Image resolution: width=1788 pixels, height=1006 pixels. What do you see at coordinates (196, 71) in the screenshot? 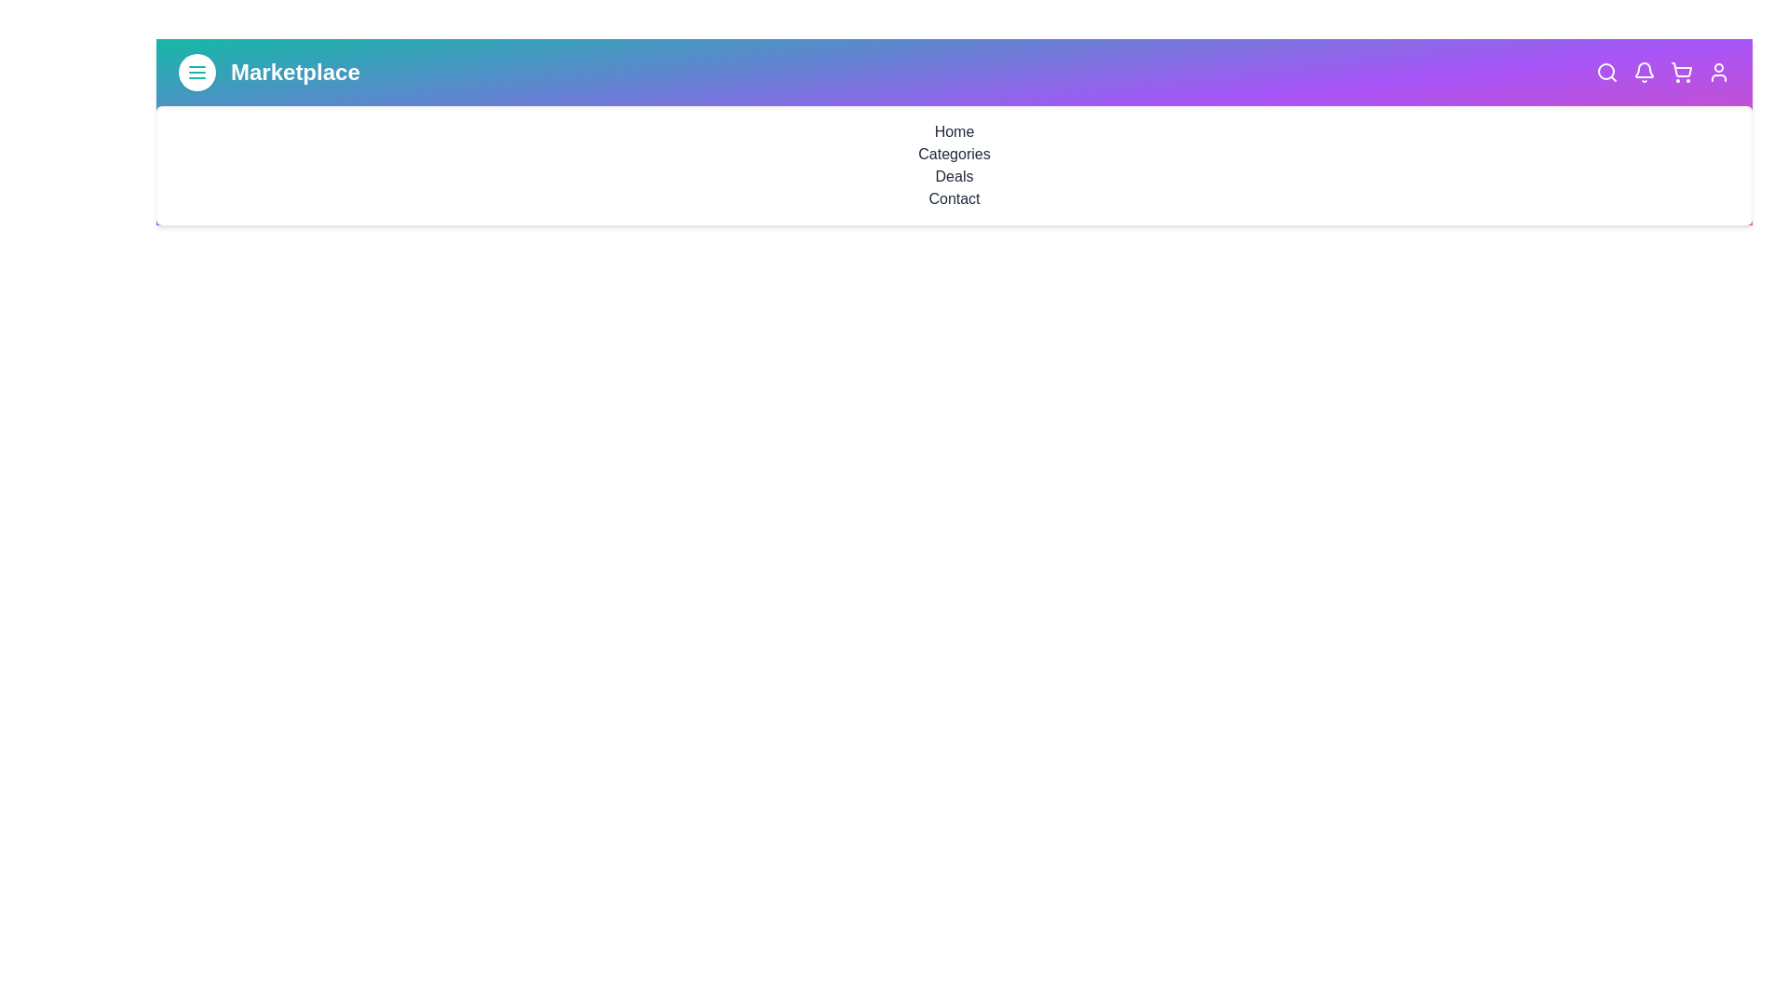
I see `the menu button to toggle the menu visibility` at bounding box center [196, 71].